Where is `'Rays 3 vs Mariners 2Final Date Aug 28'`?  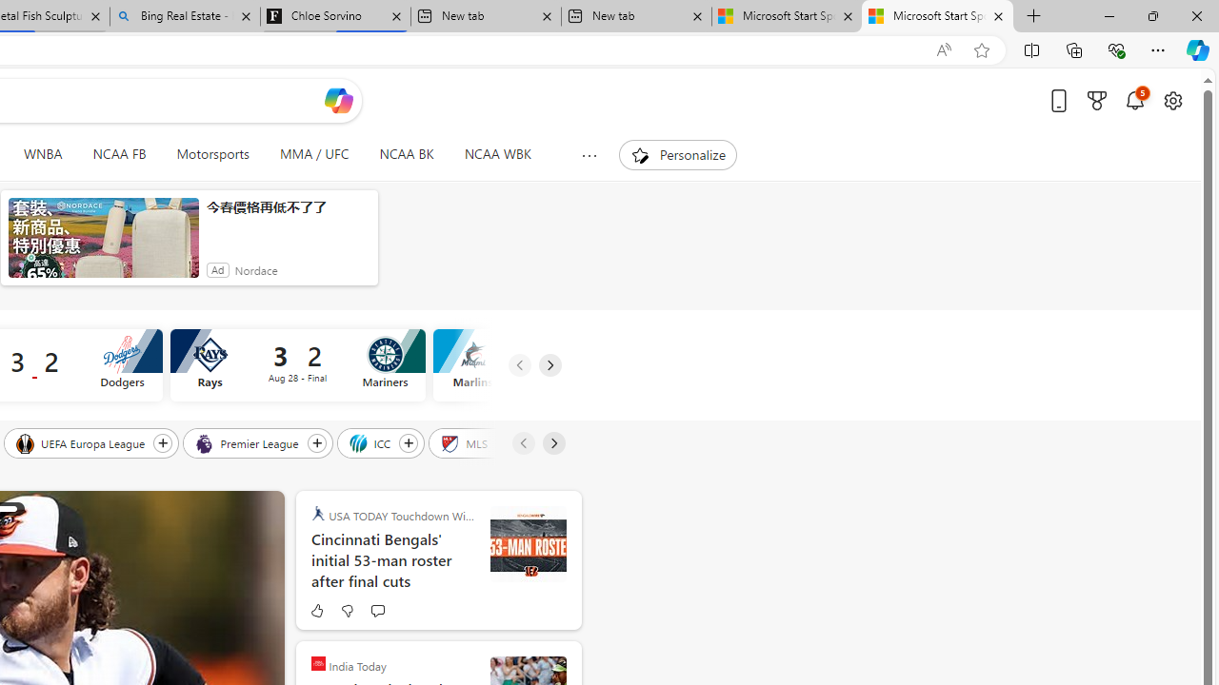
'Rays 3 vs Mariners 2Final Date Aug 28' is located at coordinates (296, 365).